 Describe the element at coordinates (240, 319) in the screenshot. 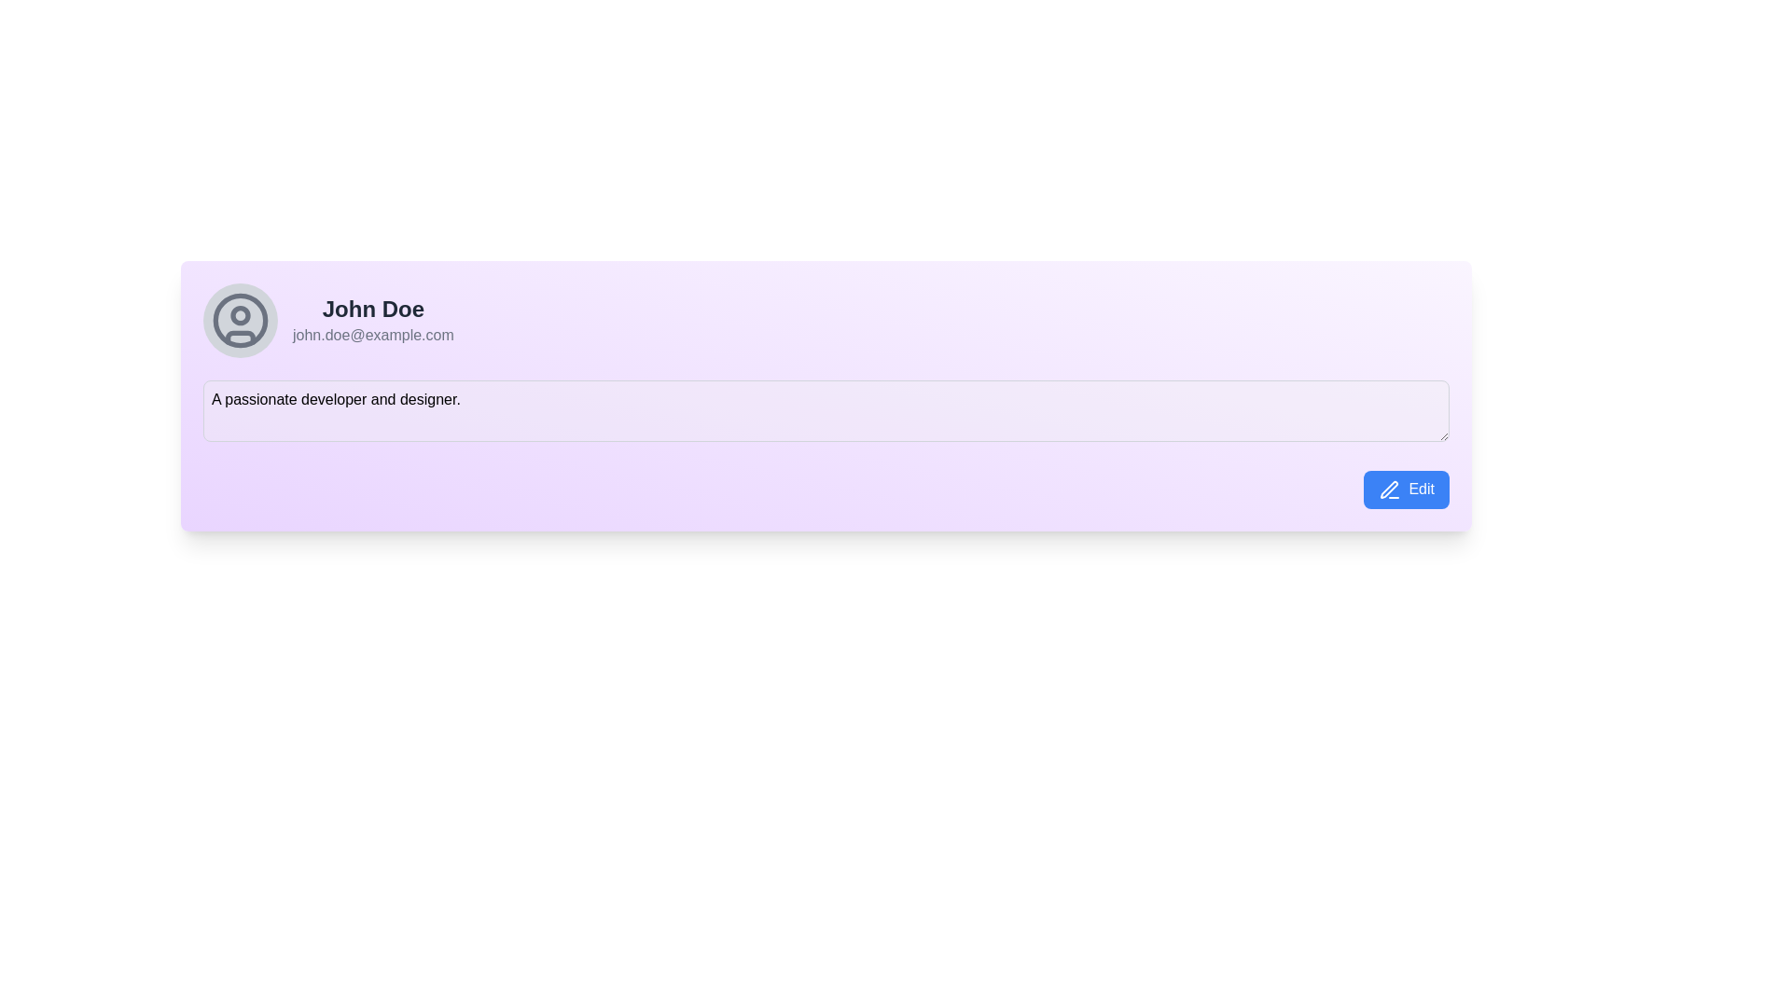

I see `the SVG Circle Element which is a thin gray stroke forming a complete circle, part of the user avatar icon located to the left of the user name 'John Doe'` at that location.